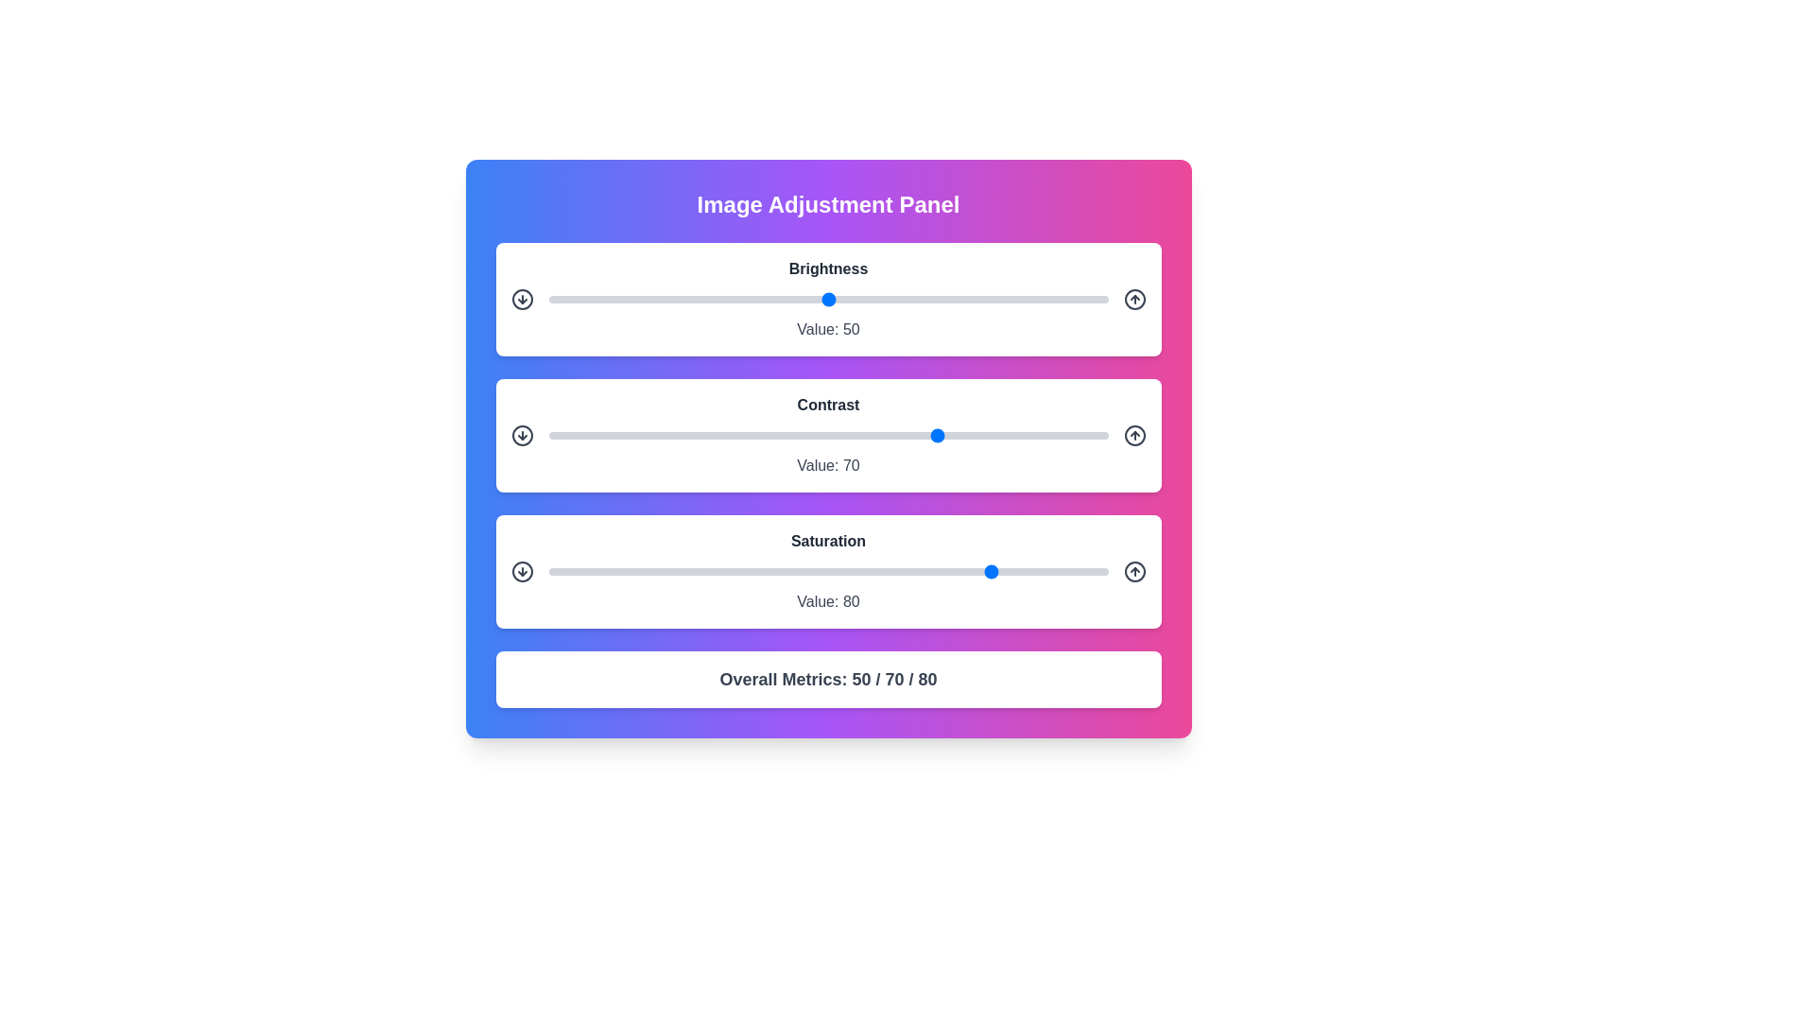  I want to click on the slider value, so click(743, 571).